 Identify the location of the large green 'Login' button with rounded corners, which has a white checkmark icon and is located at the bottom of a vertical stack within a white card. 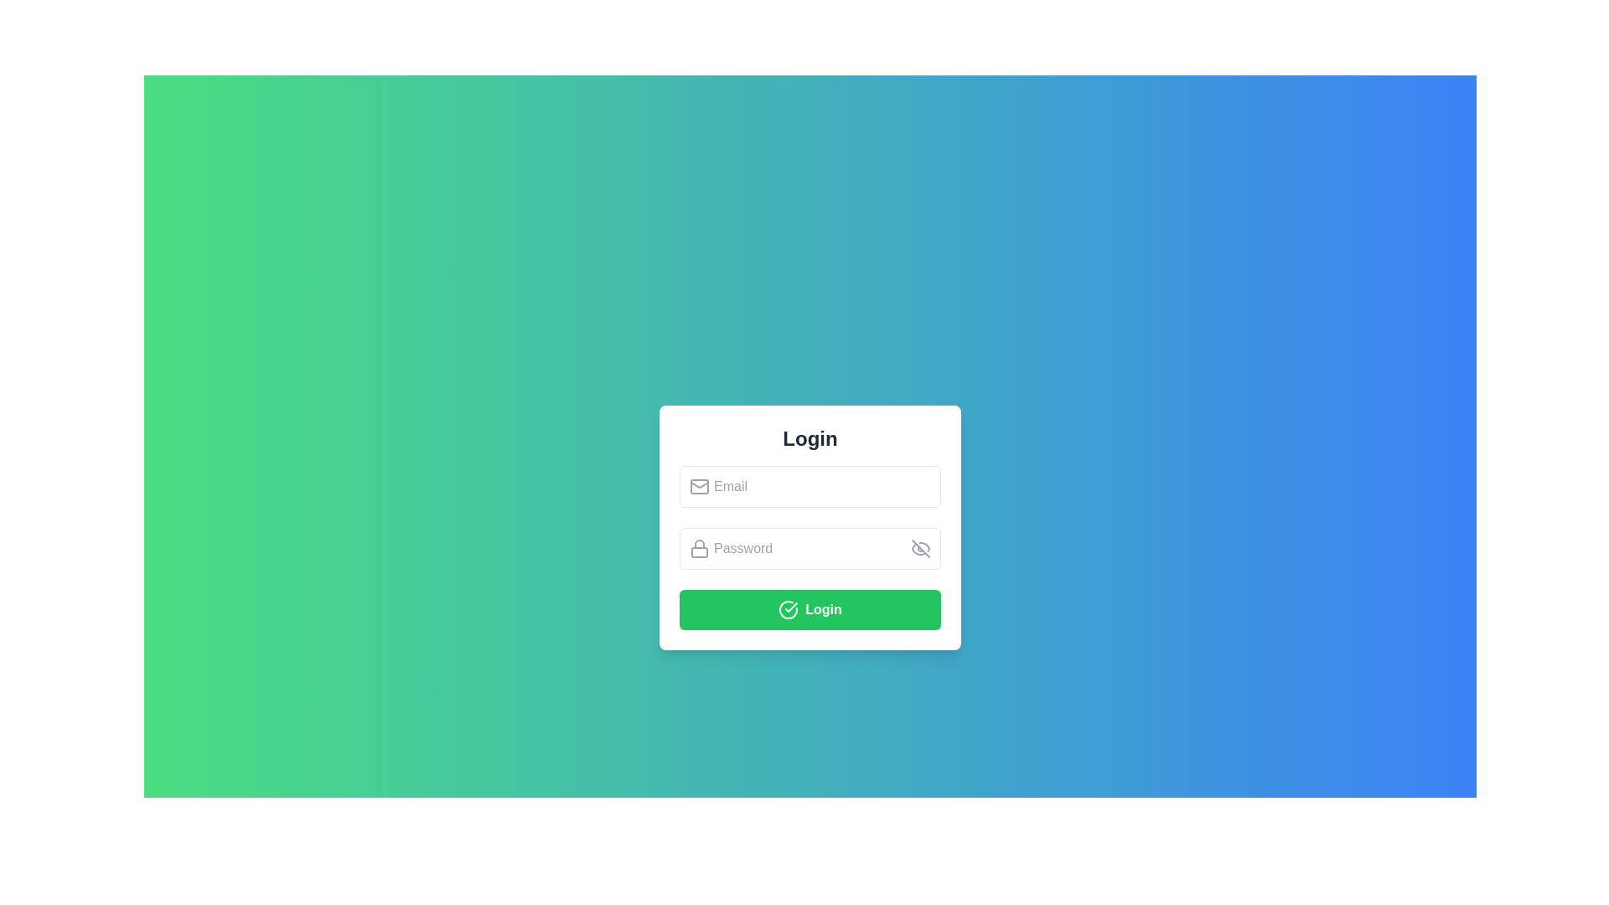
(810, 608).